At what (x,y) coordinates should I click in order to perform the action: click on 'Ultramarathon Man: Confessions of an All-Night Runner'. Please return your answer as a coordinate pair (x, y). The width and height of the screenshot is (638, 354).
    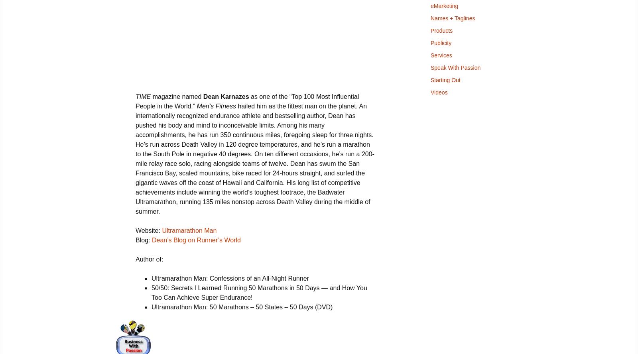
    Looking at the image, I should click on (229, 278).